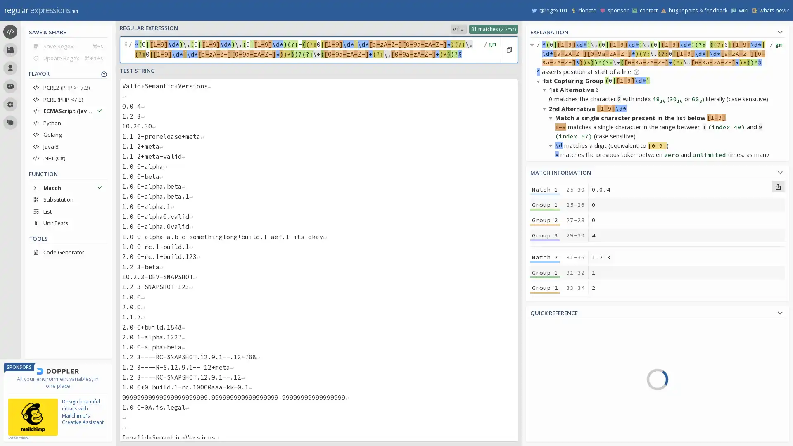 The width and height of the screenshot is (793, 446). What do you see at coordinates (569, 378) in the screenshot?
I see `Anchors` at bounding box center [569, 378].